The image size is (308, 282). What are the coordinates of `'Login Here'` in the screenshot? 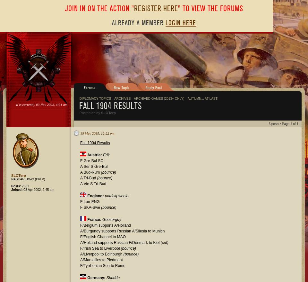 It's located at (181, 23).